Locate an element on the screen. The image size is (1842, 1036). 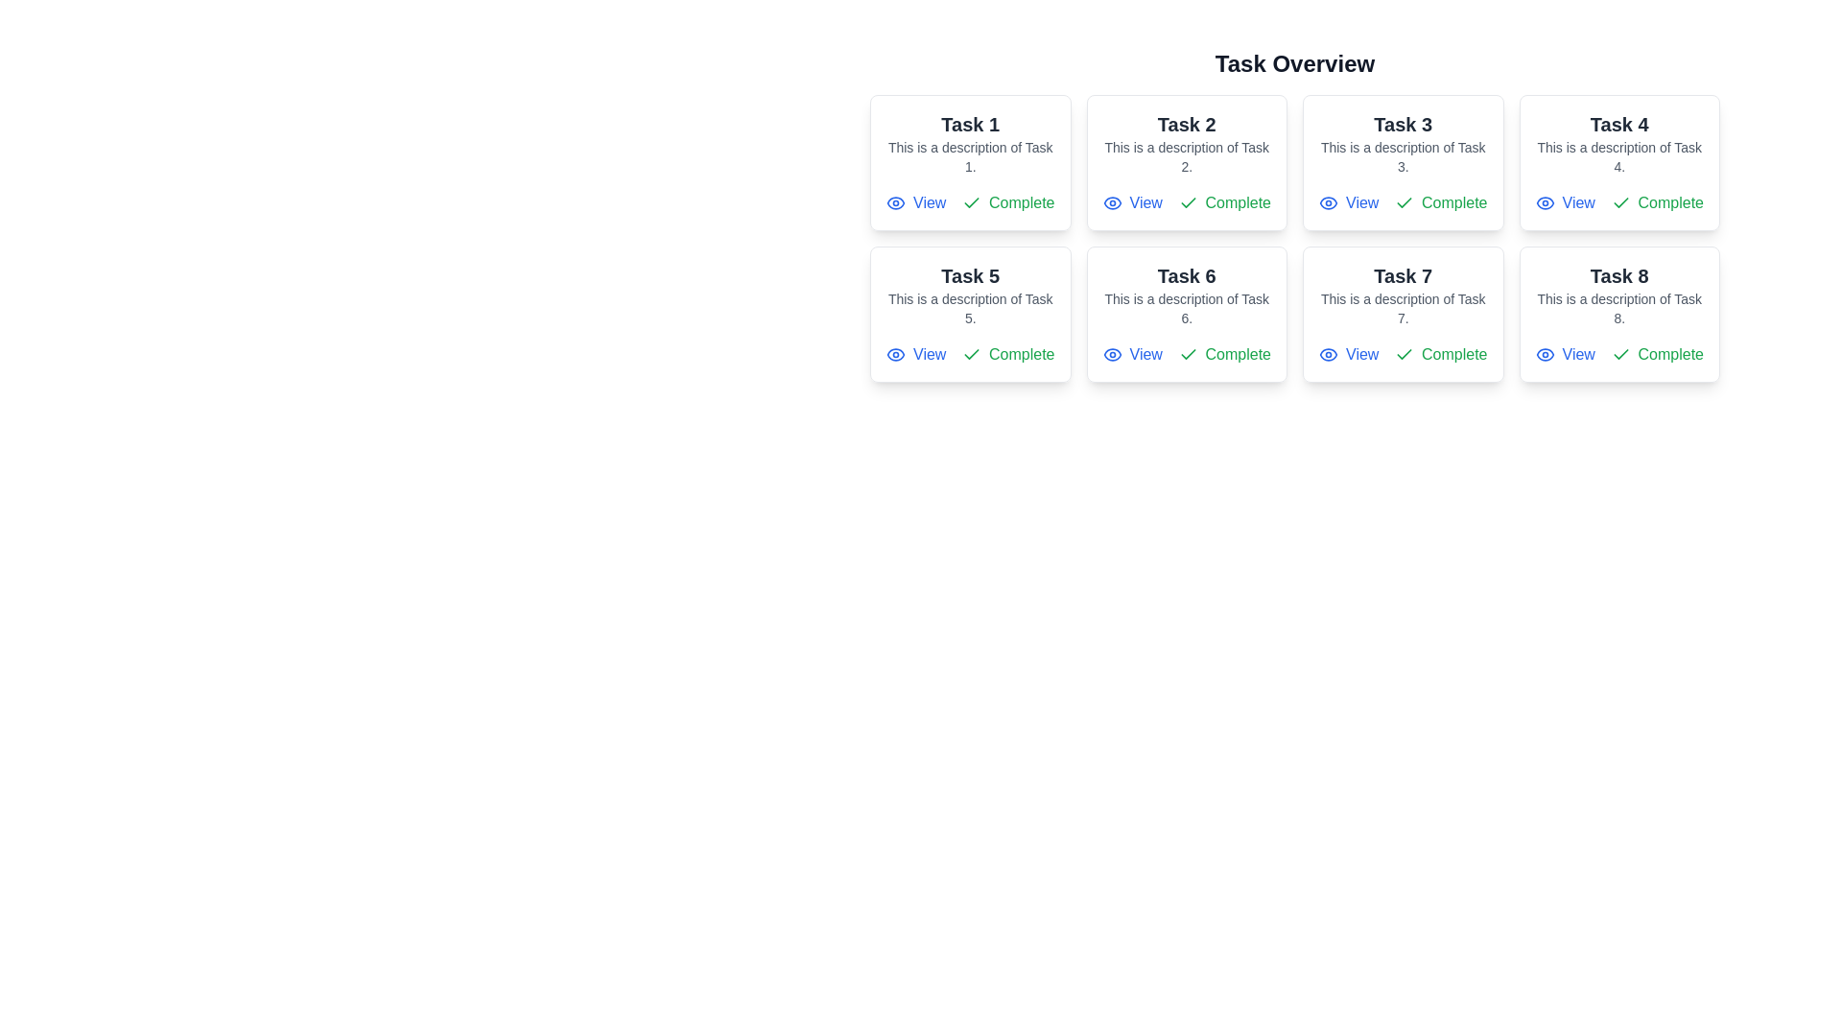
the completion status icon located next to the 'Complete' text in the second task card is located at coordinates (1187, 202).